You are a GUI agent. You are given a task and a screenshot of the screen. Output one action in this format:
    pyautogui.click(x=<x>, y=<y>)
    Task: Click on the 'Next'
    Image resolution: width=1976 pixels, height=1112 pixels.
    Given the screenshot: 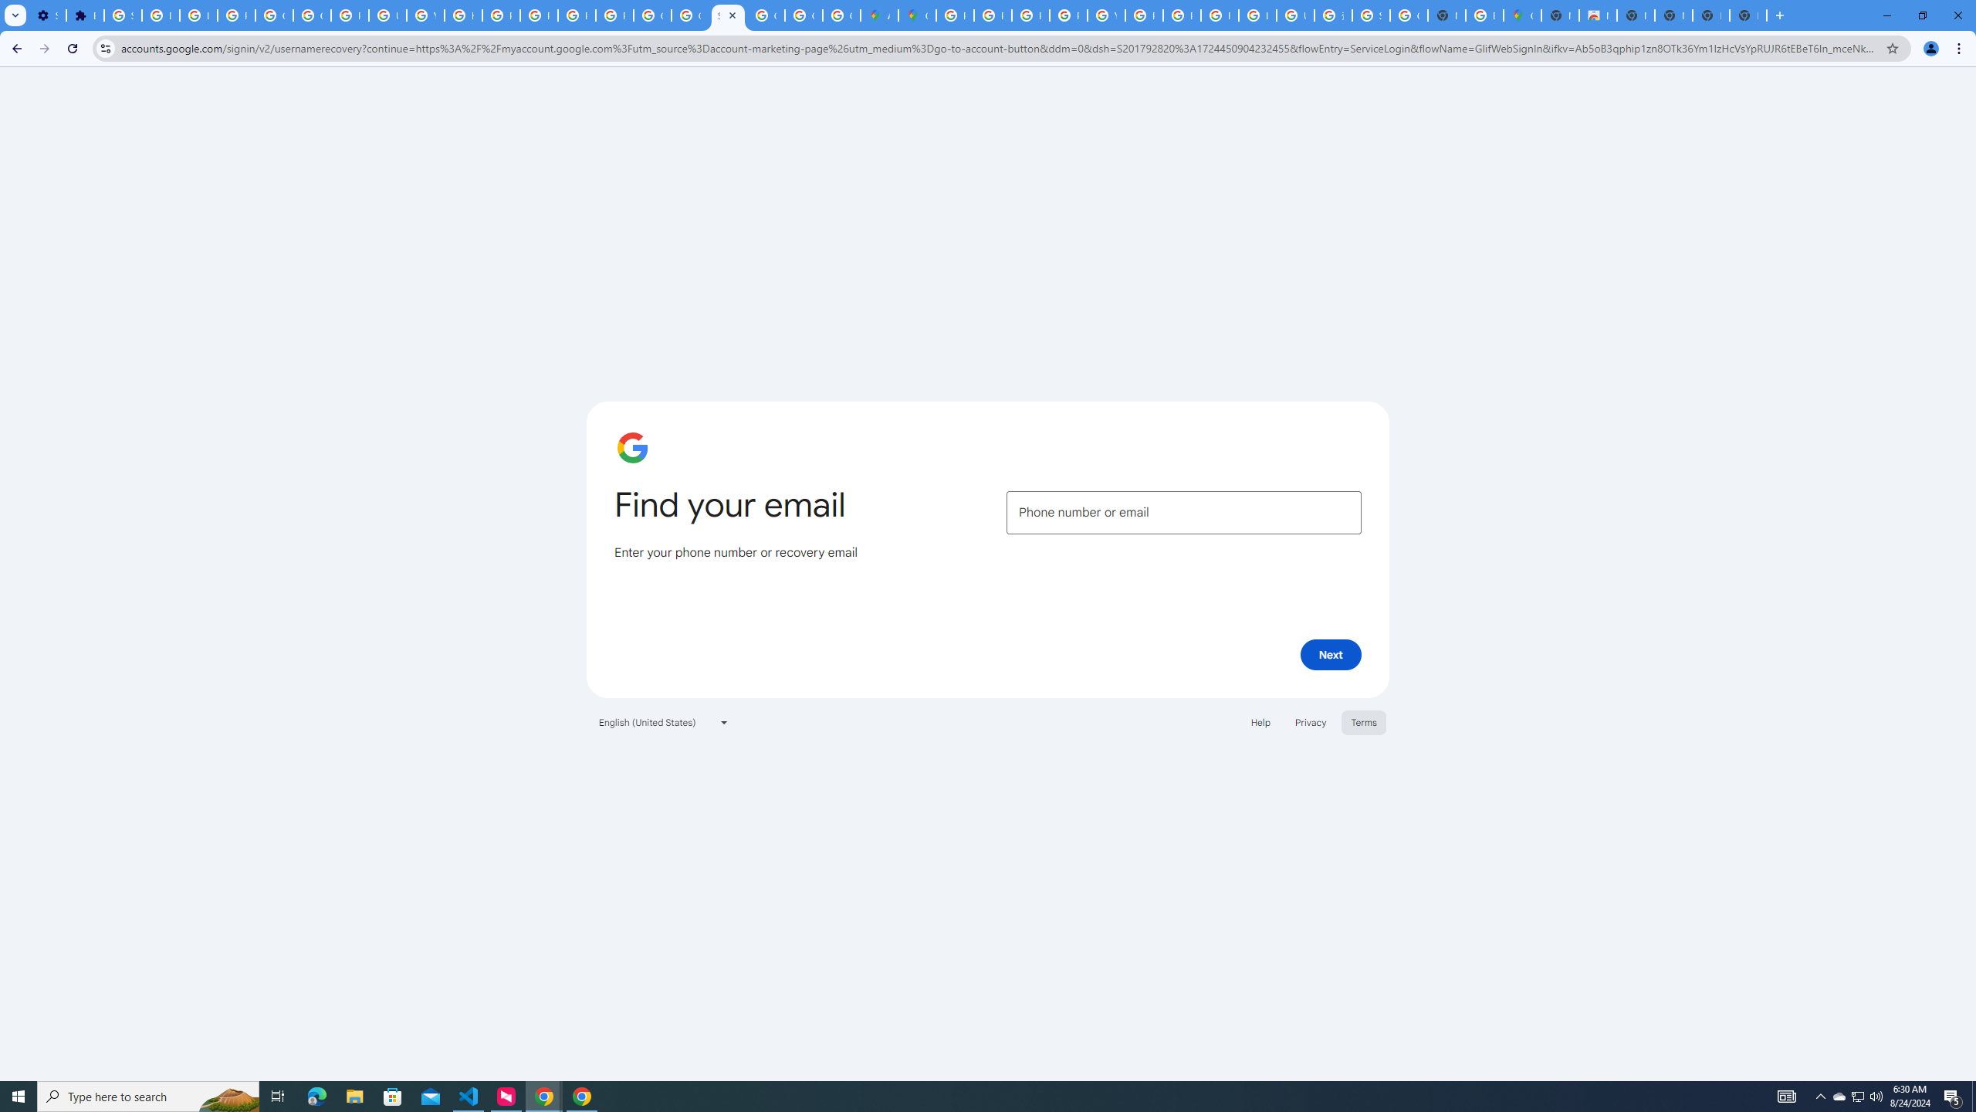 What is the action you would take?
    pyautogui.click(x=1331, y=653)
    